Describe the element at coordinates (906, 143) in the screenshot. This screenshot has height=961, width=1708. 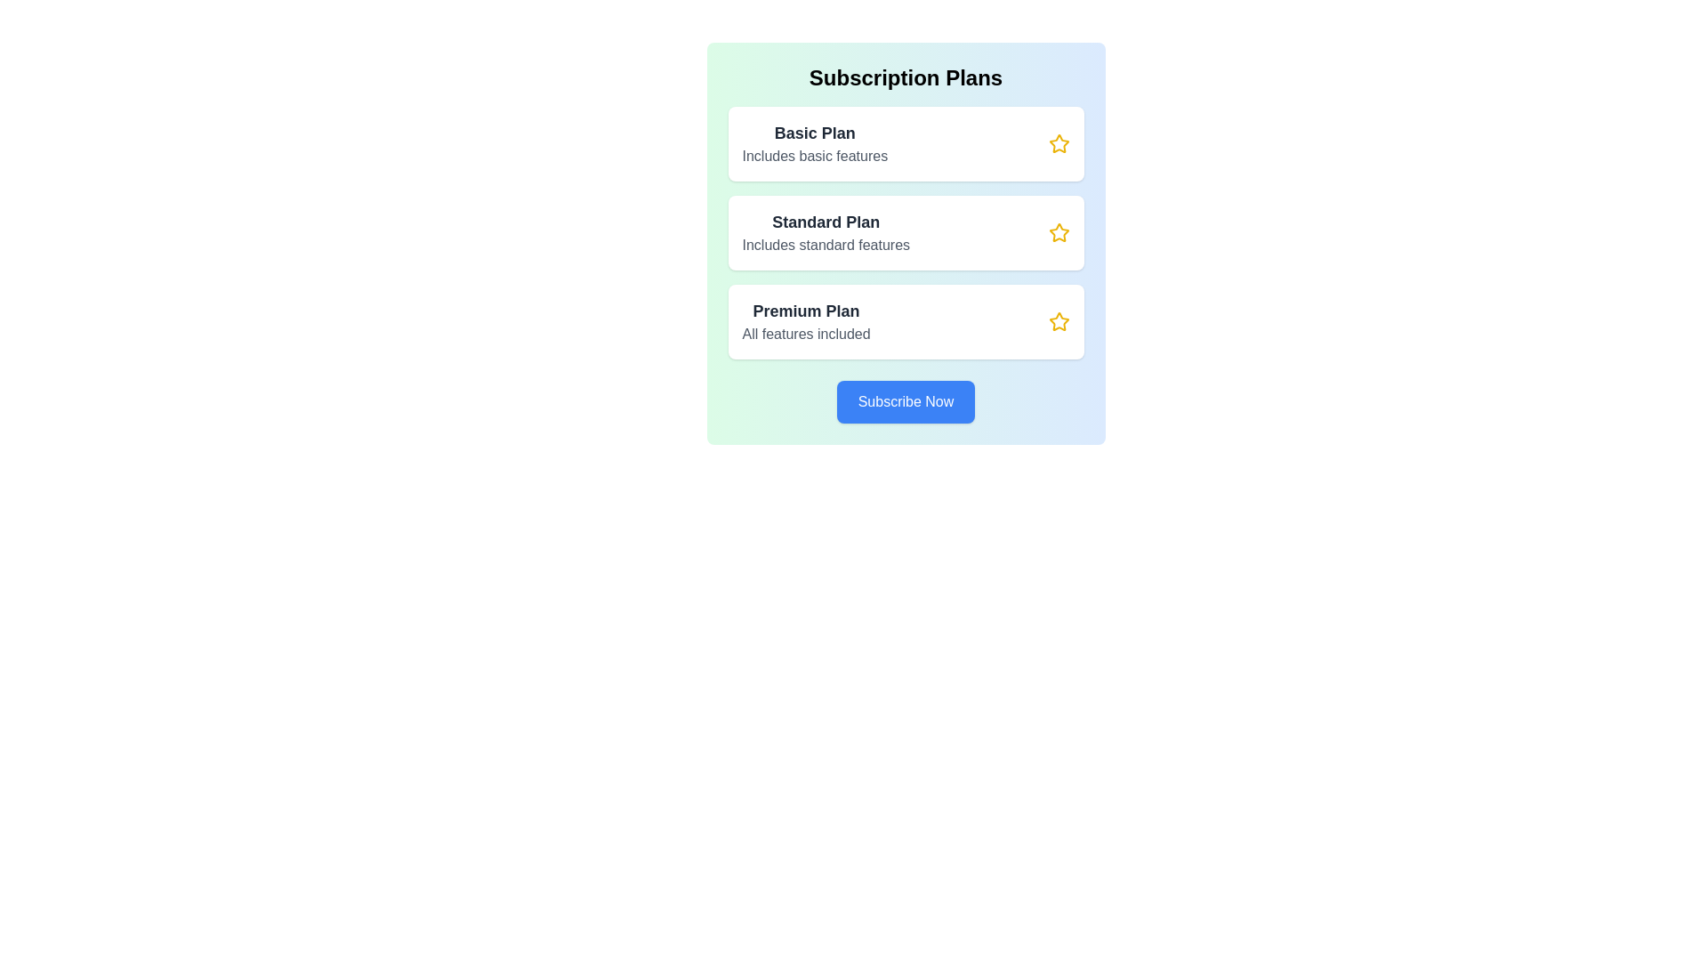
I see `the Basic Plan plan to see its hover effects` at that location.